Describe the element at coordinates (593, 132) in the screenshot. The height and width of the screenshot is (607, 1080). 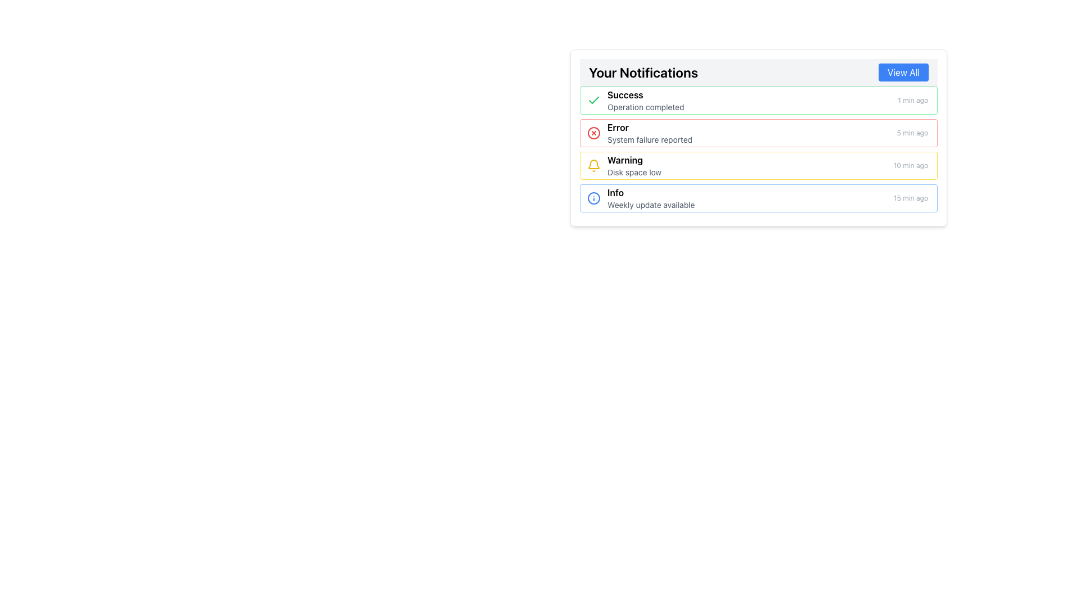
I see `the circular part of the SVG icon that indicates an error notification, located to the left of the 'Error' label in the notifications list` at that location.